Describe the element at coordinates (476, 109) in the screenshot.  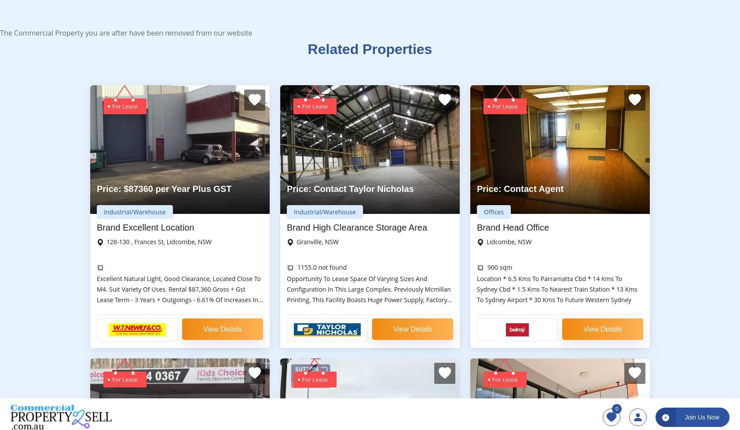
I see `'Brand Fully Fitted & Partitioned Officeshop Facing Parramatta Rd!'` at that location.